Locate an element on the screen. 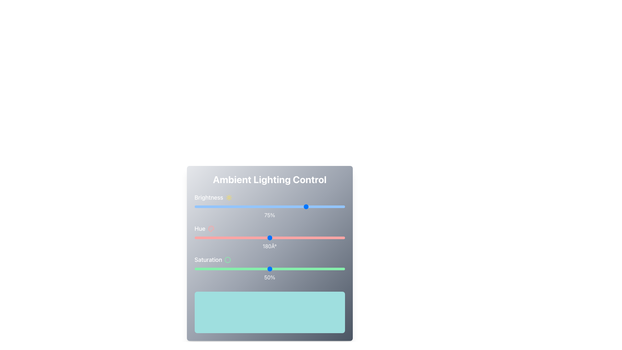 The image size is (622, 350). saturation is located at coordinates (239, 269).